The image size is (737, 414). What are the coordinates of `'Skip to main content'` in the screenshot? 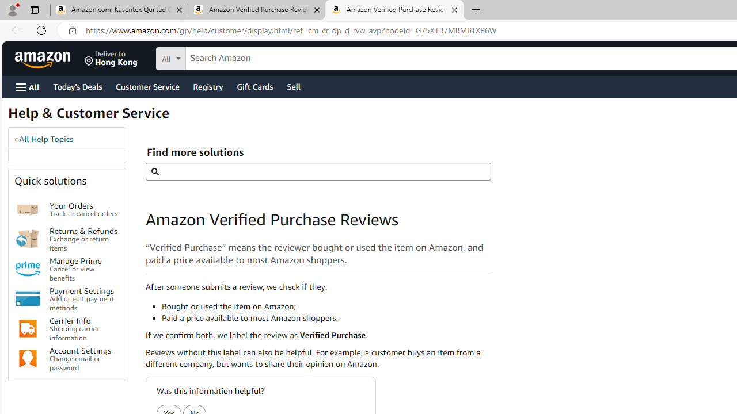 It's located at (50, 57).